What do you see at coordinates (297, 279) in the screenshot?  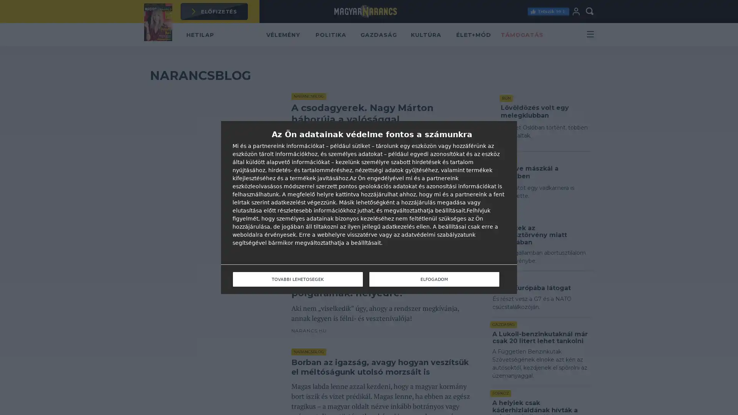 I see `TOVABBI LEHETOSEGEK` at bounding box center [297, 279].